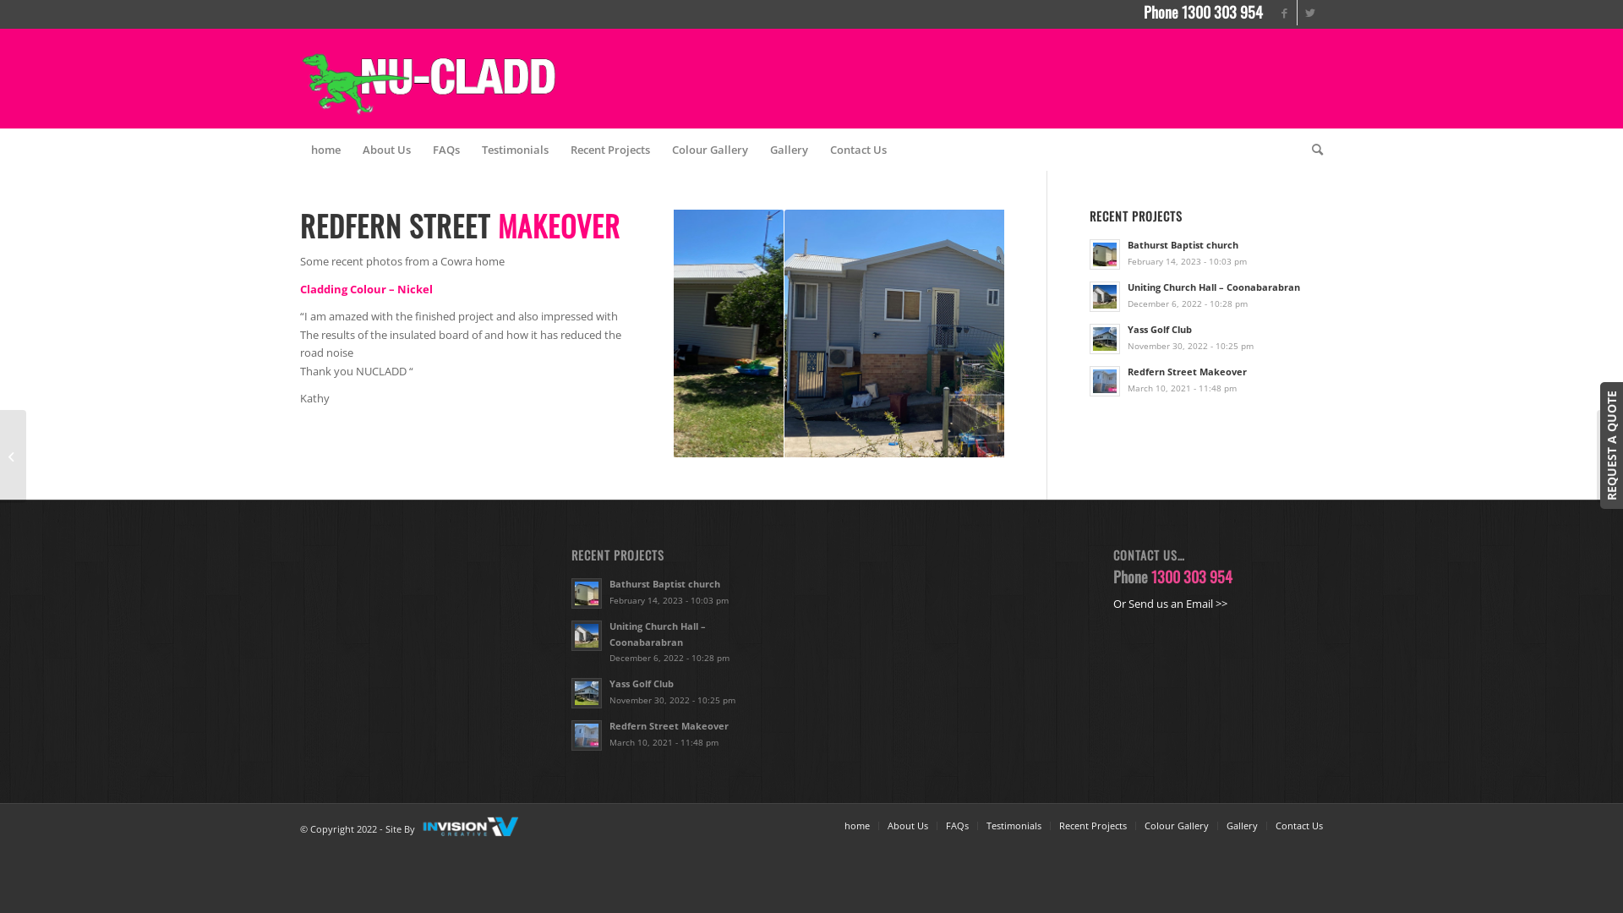 The height and width of the screenshot is (913, 1623). I want to click on 'Twitter', so click(1309, 13).